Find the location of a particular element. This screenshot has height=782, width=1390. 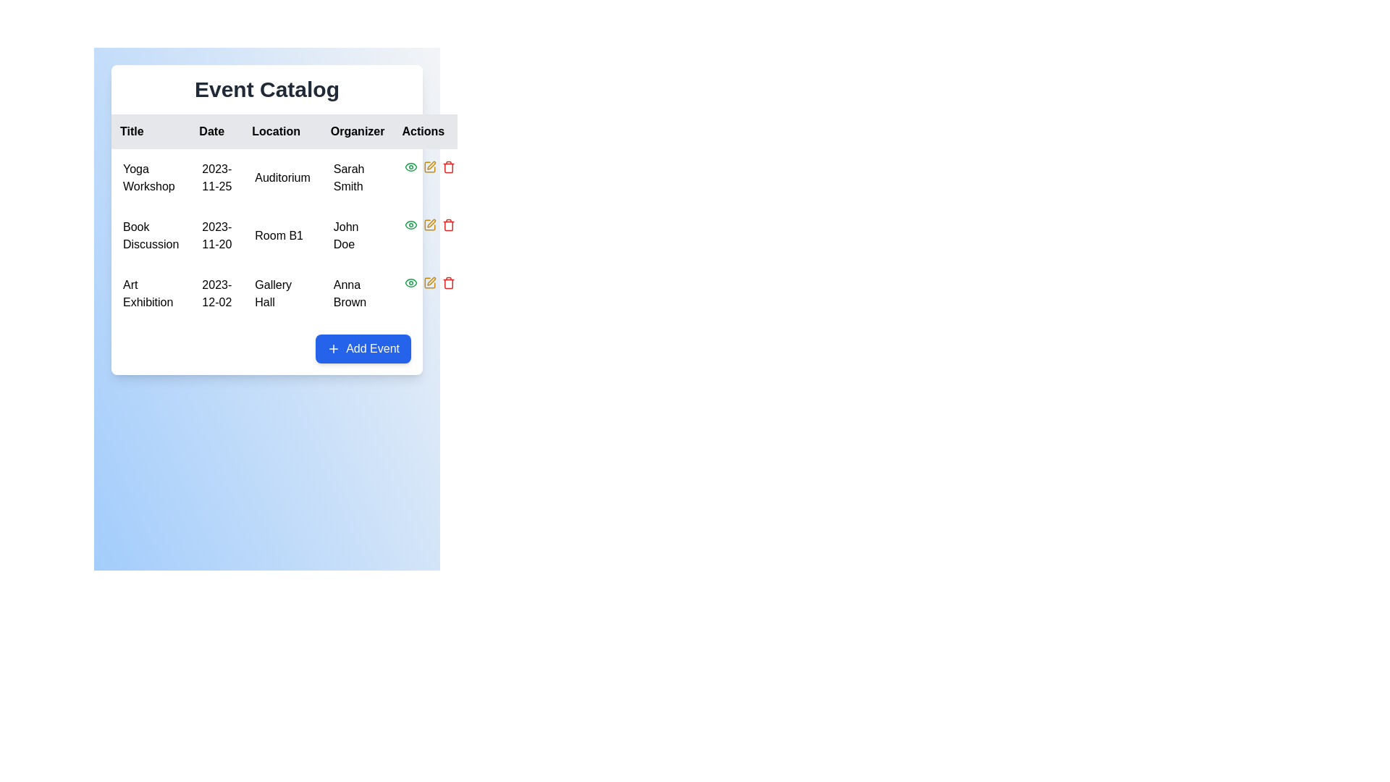

the first row of the event table displaying 'Yoga Workshop', '2023-11-25', 'Auditorium', and 'Sarah Smith' is located at coordinates (289, 177).